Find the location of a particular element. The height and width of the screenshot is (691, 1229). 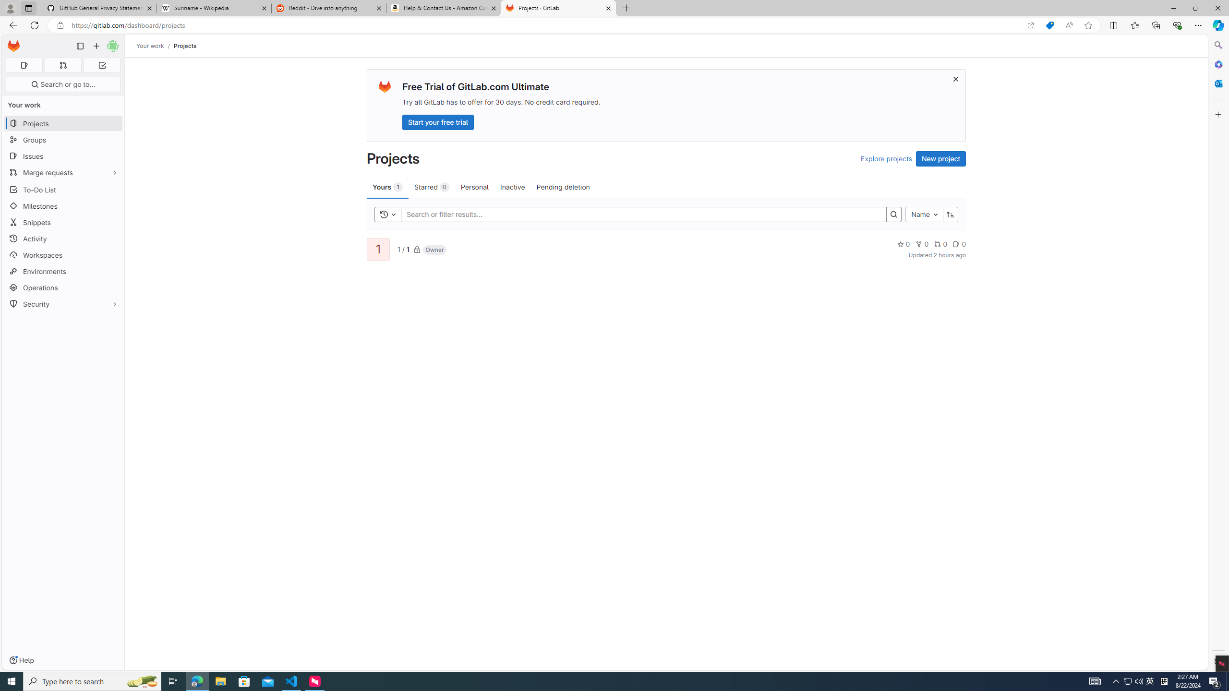

'Assigned issues 0' is located at coordinates (24, 65).